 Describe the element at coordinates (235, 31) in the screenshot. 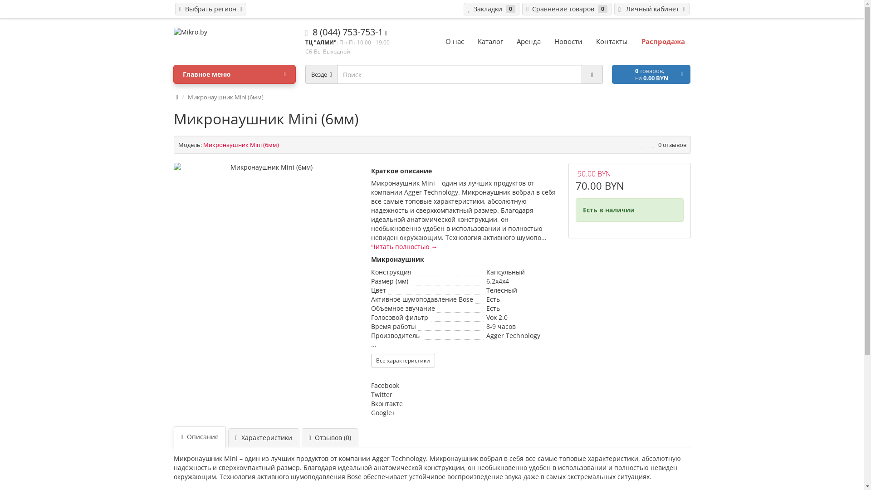

I see `'Mikro.by'` at that location.